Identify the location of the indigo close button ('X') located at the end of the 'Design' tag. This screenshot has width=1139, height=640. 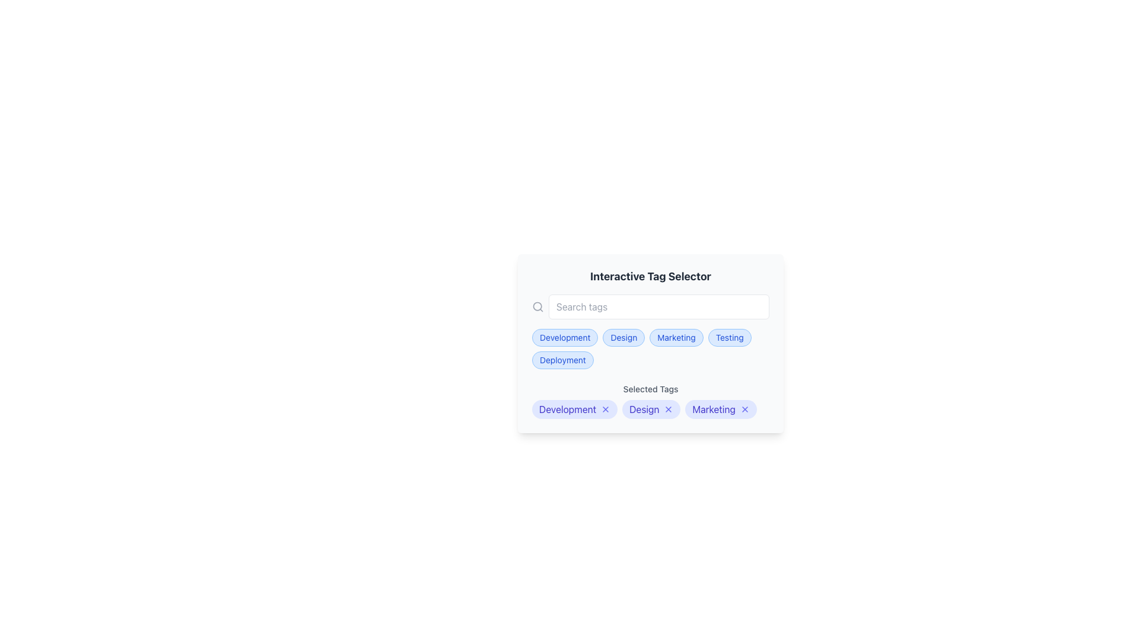
(669, 408).